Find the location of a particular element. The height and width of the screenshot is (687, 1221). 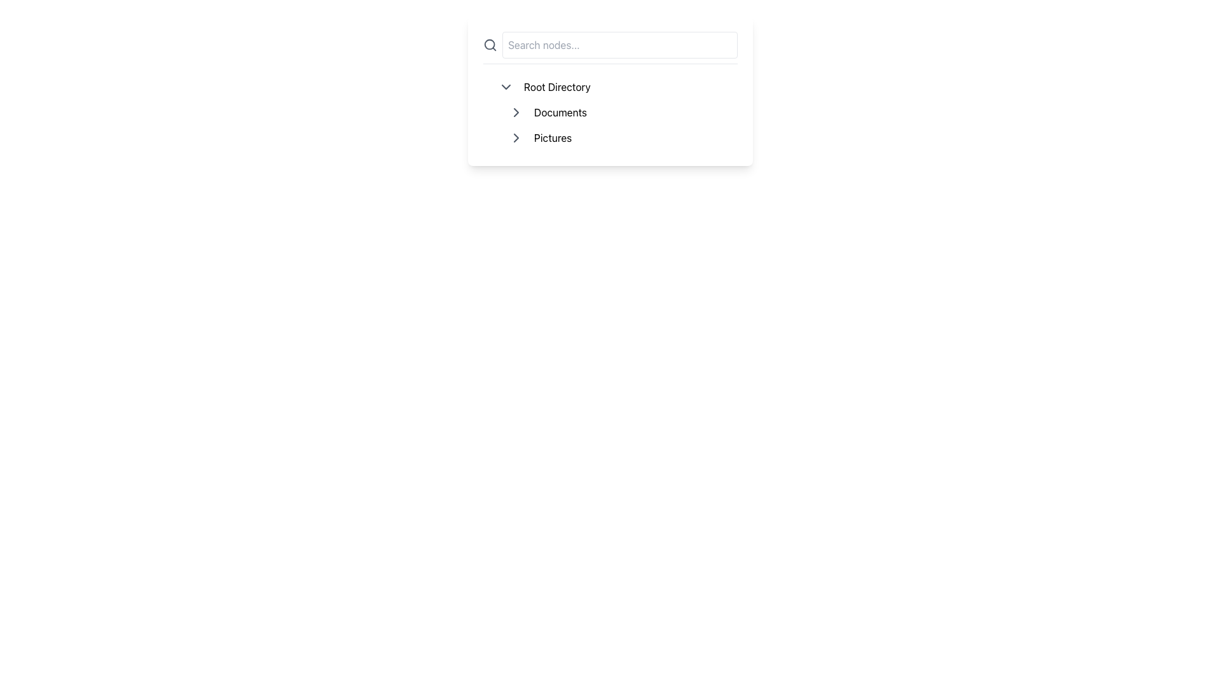

the 'Documents' list item in the navigation menu is located at coordinates (620, 112).